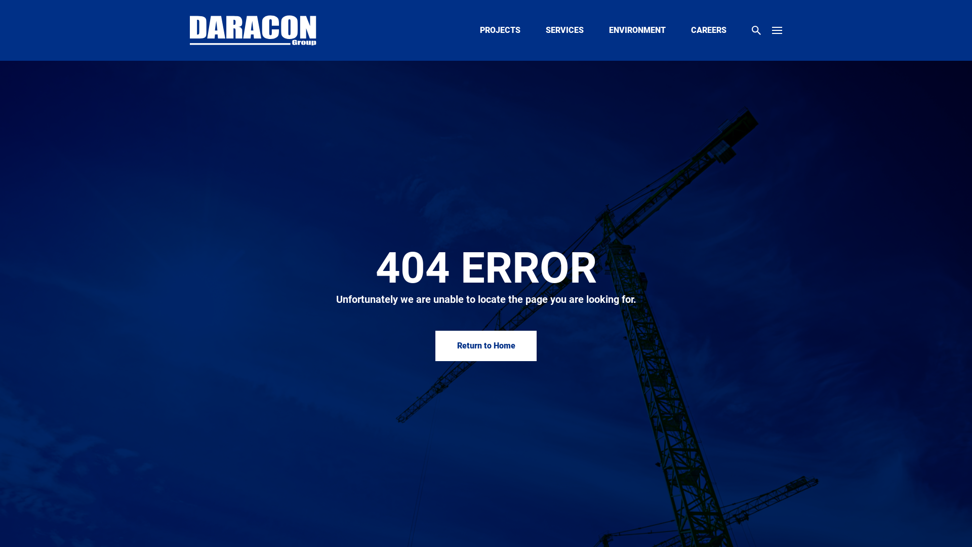  I want to click on 'SERVICES', so click(564, 29).